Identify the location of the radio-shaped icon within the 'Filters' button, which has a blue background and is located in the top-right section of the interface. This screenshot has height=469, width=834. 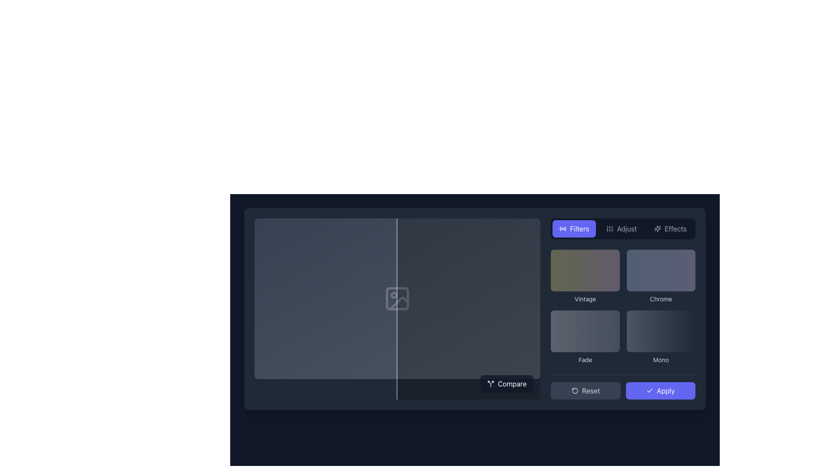
(563, 228).